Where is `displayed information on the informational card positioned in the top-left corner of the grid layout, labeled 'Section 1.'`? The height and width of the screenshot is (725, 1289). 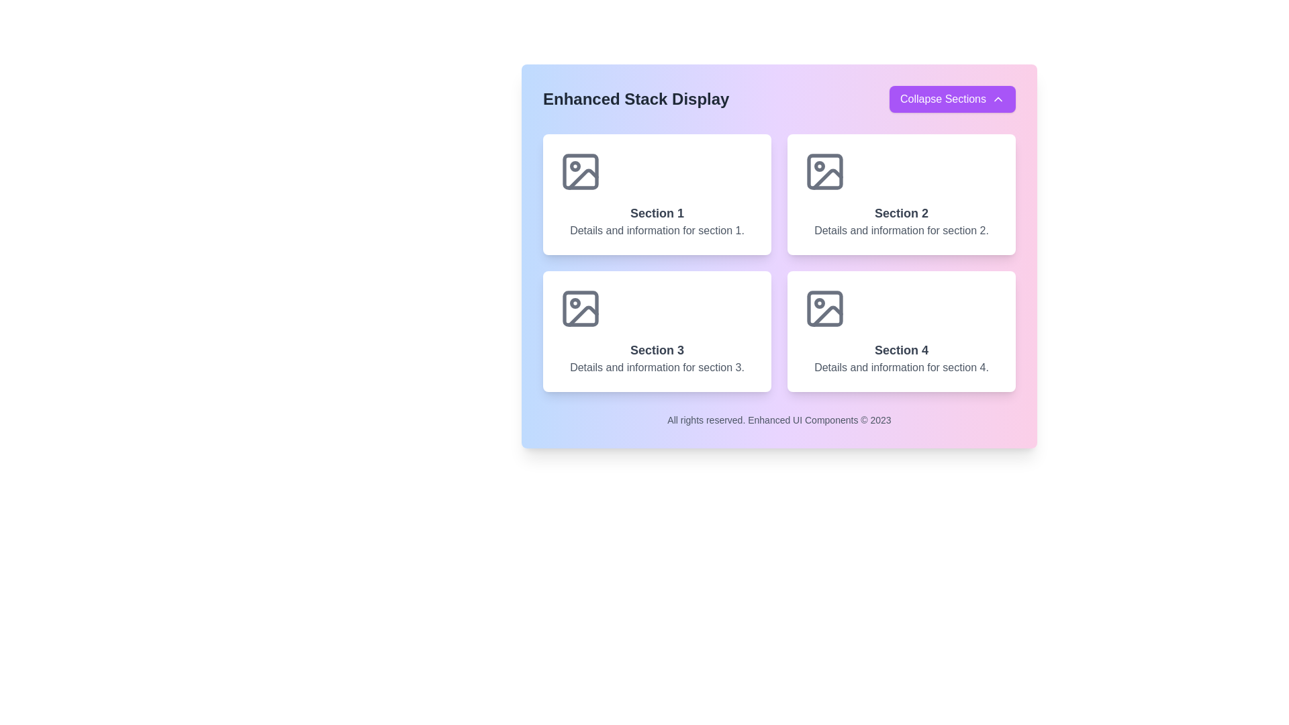 displayed information on the informational card positioned in the top-left corner of the grid layout, labeled 'Section 1.' is located at coordinates (657, 194).